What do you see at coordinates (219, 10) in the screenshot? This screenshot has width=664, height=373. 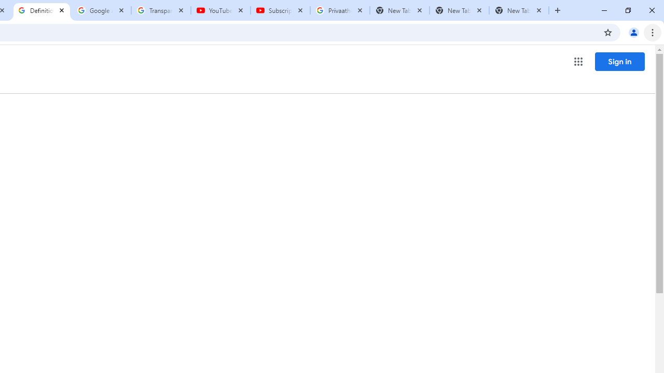 I see `'YouTube'` at bounding box center [219, 10].